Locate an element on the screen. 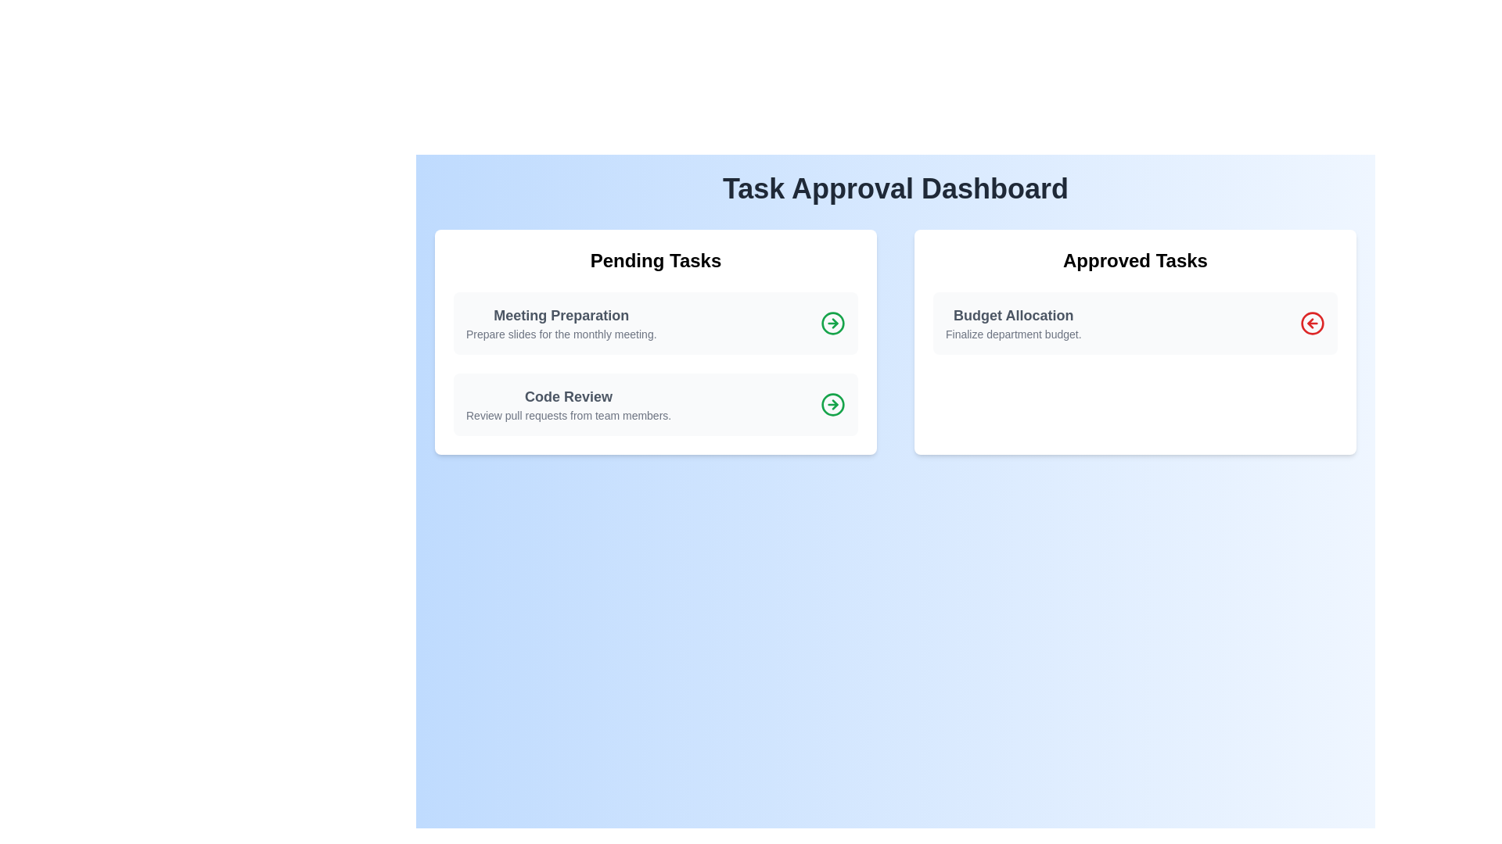 The width and height of the screenshot is (1502, 844). the text label displaying 'Budget Allocation' in bold gray font located in the right panel labeled 'Approved Tasks' at the top of its section is located at coordinates (1013, 316).